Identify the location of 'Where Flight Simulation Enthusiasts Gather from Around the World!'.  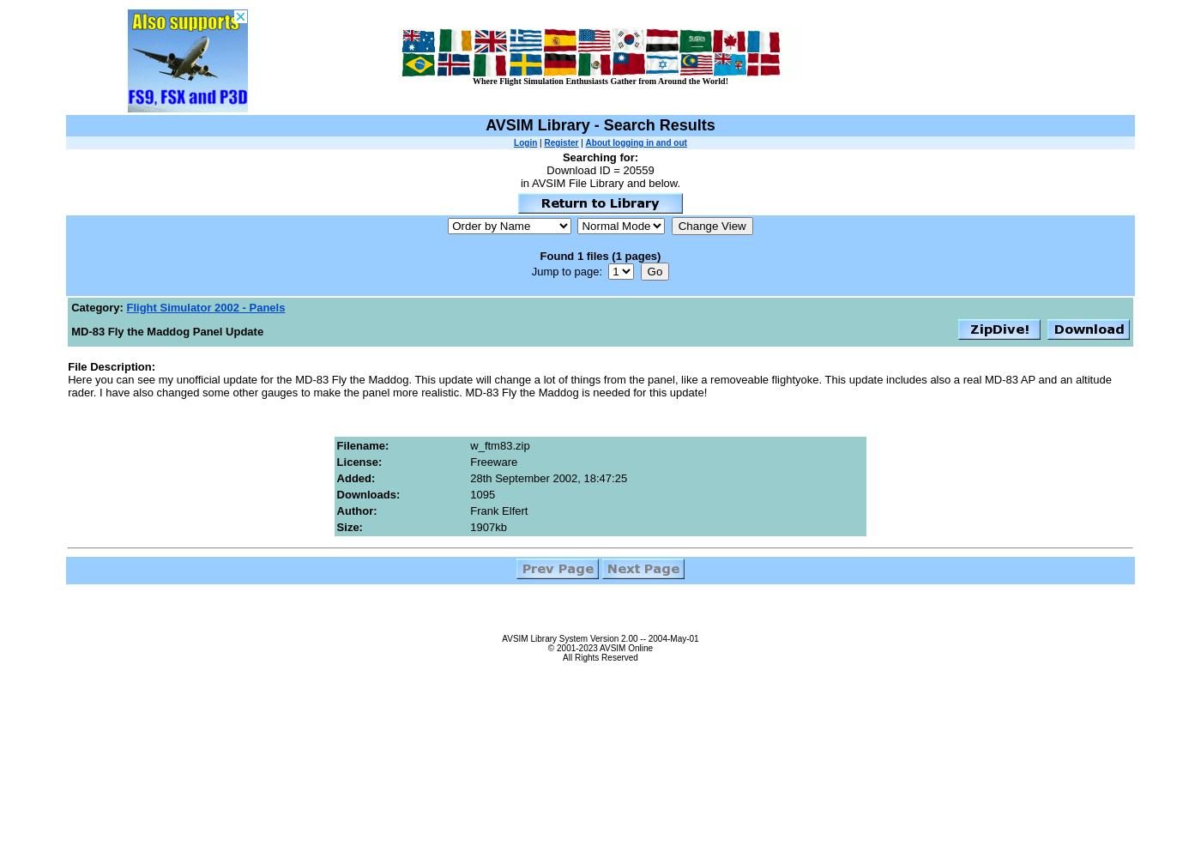
(600, 80).